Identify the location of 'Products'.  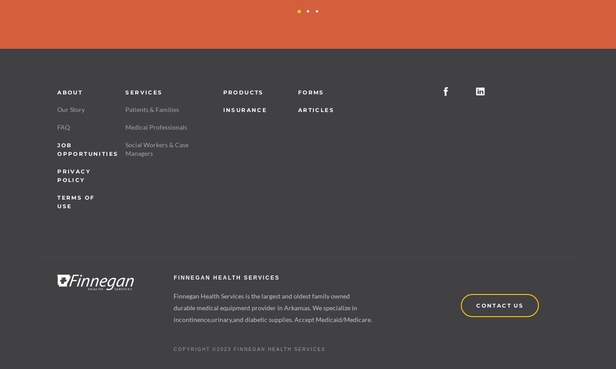
(243, 91).